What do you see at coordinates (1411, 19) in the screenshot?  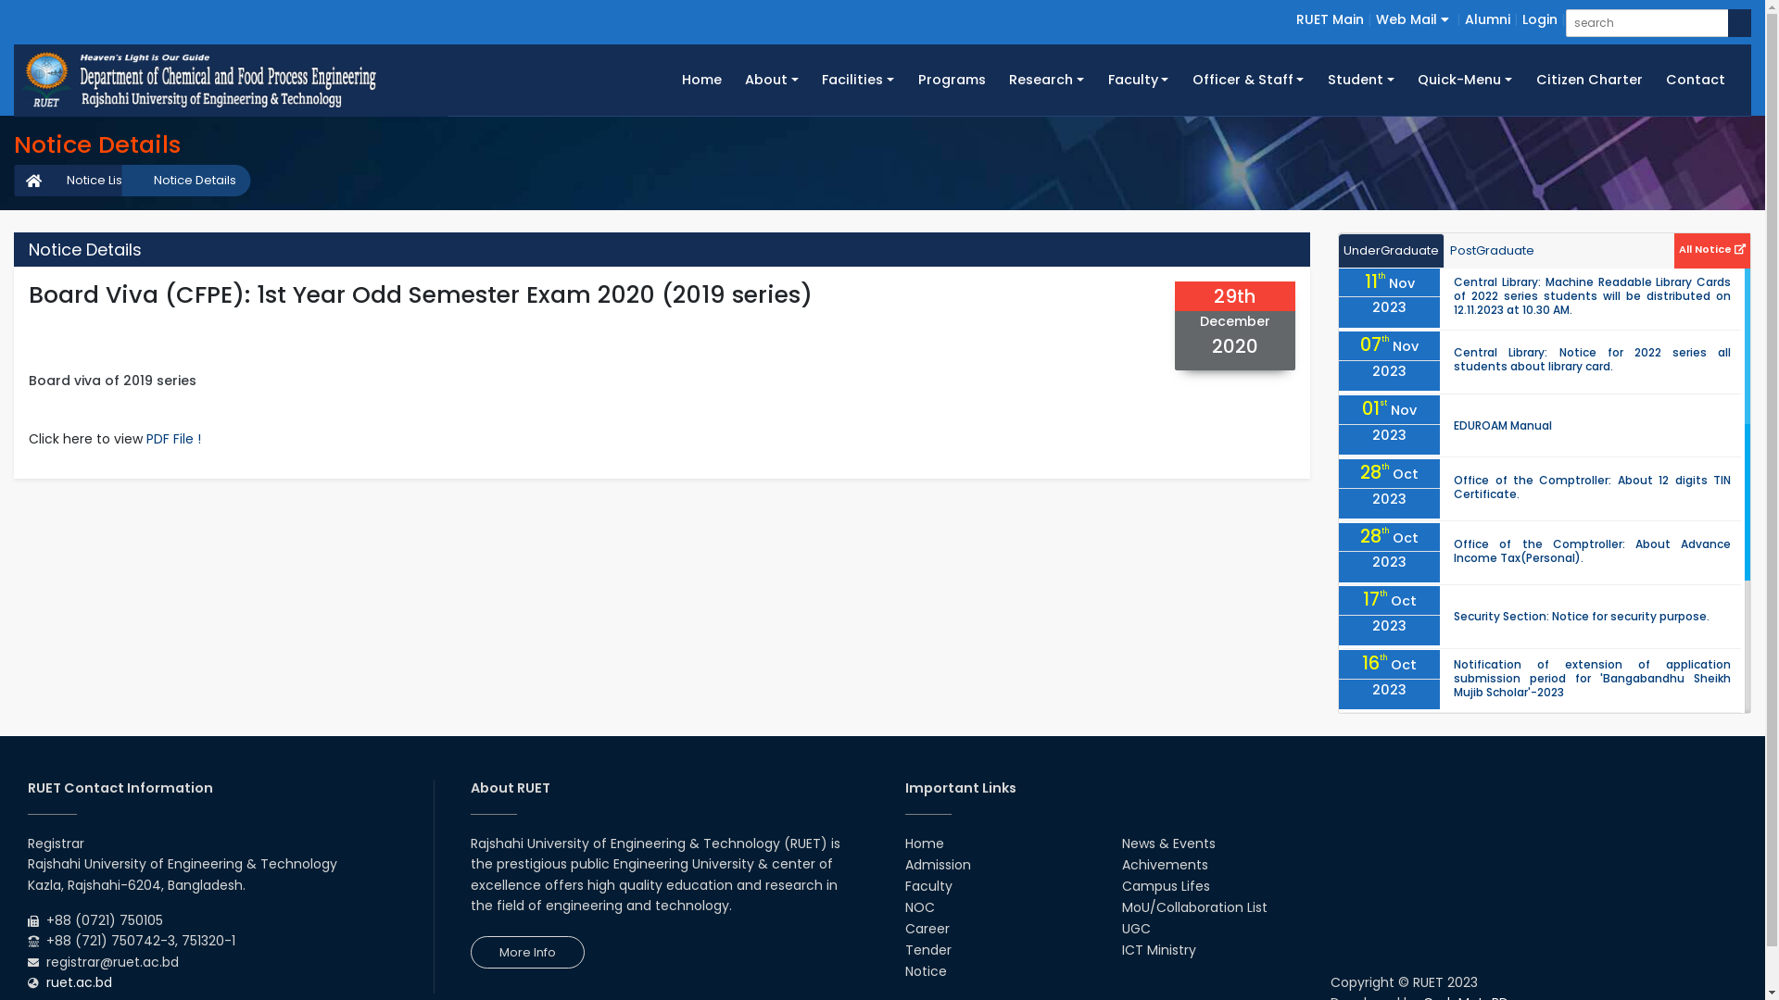 I see `'Web Mail'` at bounding box center [1411, 19].